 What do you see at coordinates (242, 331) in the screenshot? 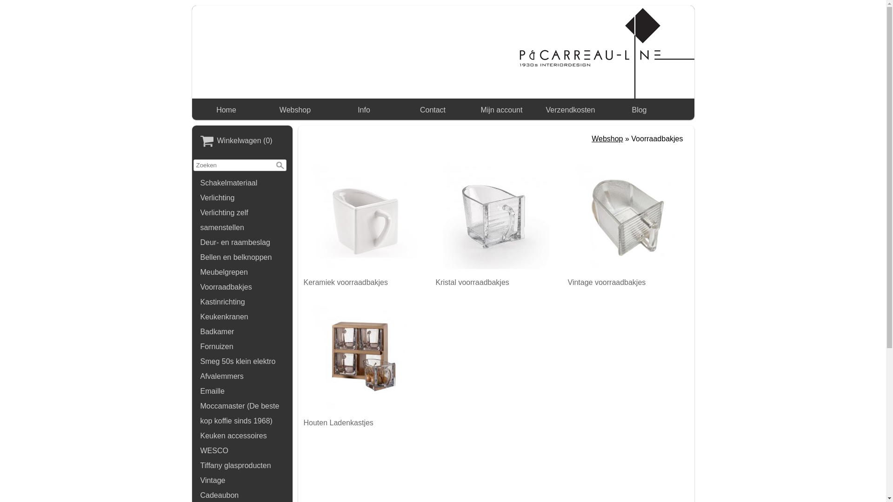
I see `'Badkamer'` at bounding box center [242, 331].